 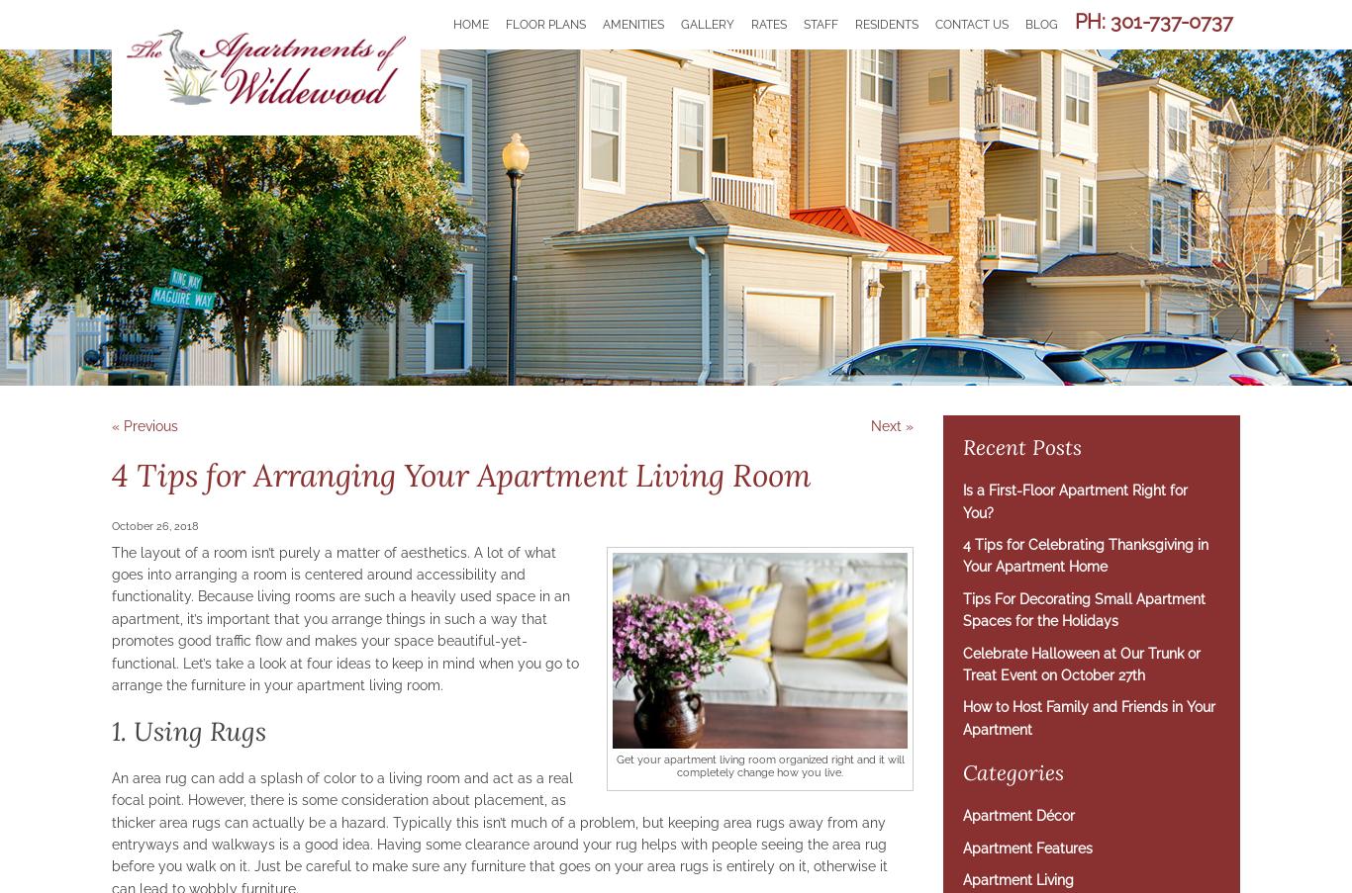 What do you see at coordinates (471, 23) in the screenshot?
I see `'Home'` at bounding box center [471, 23].